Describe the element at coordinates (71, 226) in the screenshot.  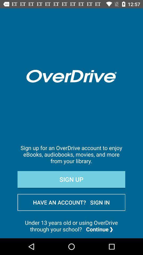
I see `under 13 years item` at that location.